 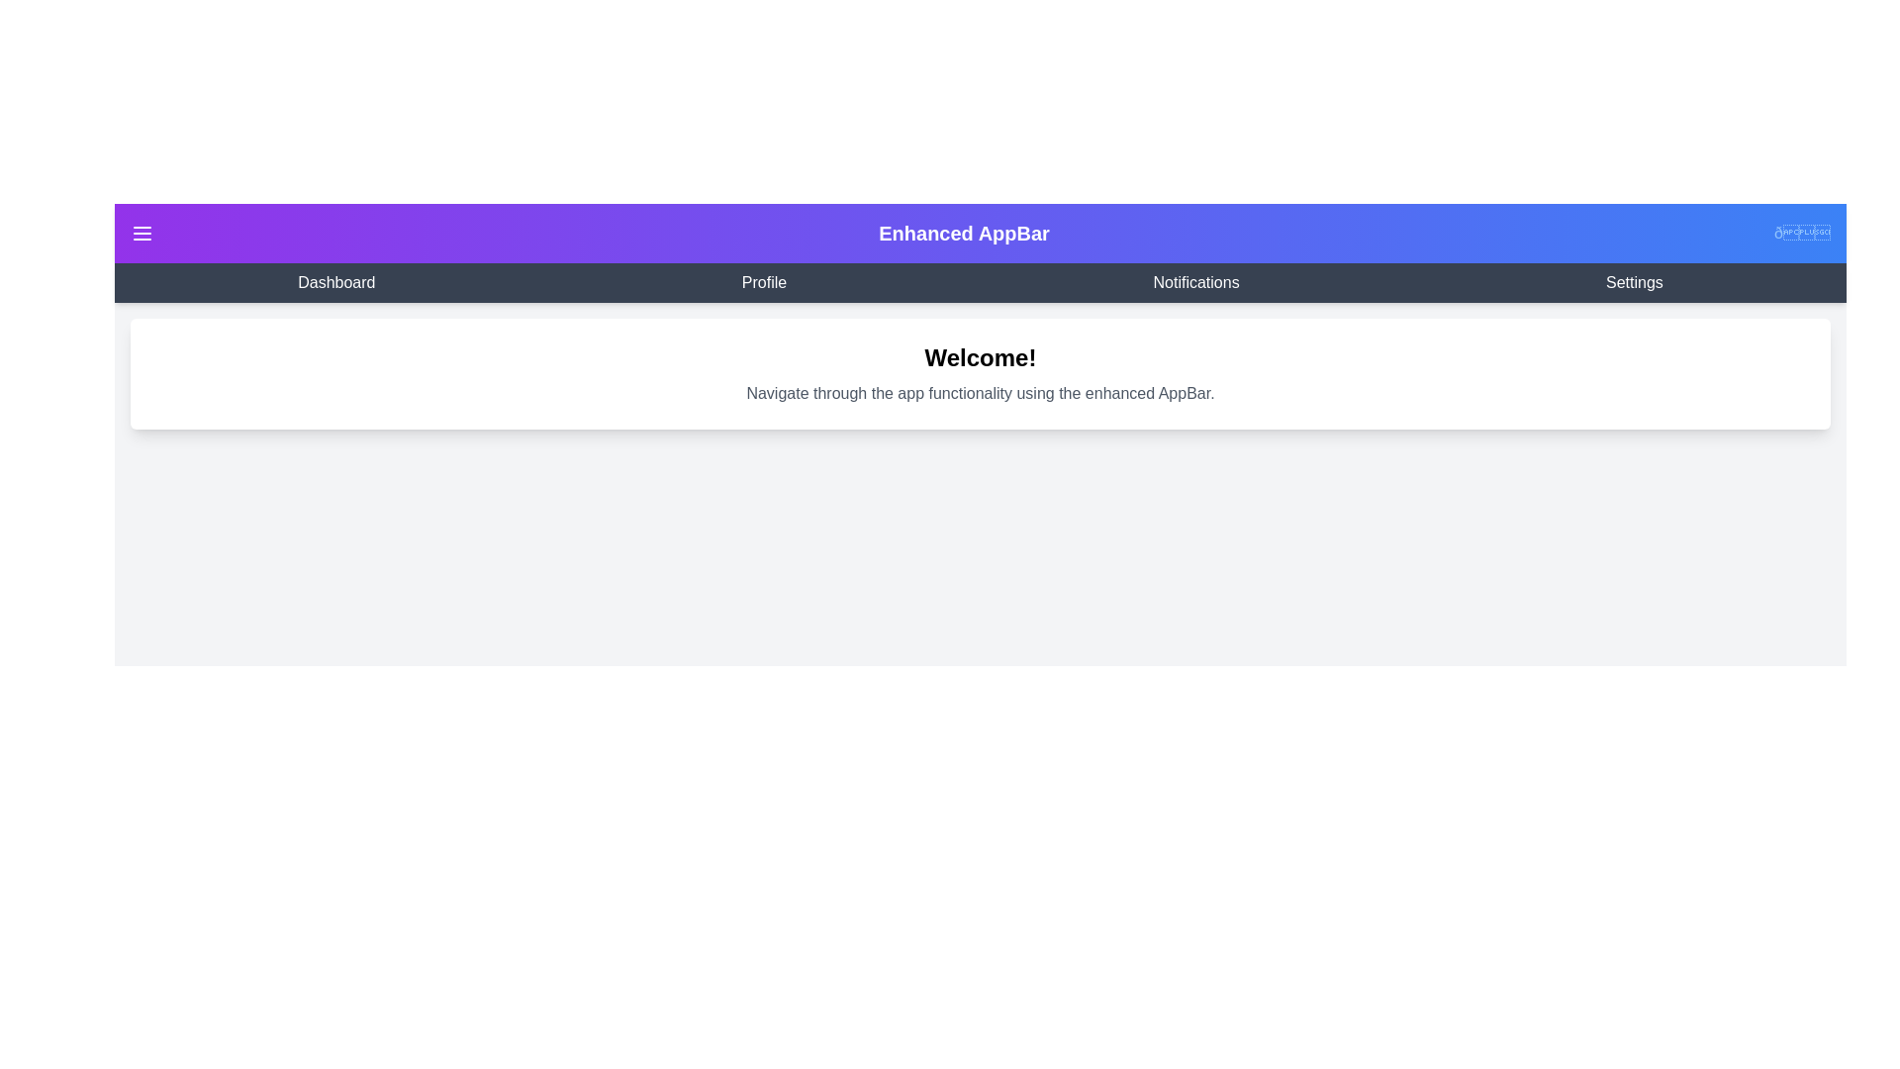 I want to click on the navigation link Settings, so click(x=1634, y=282).